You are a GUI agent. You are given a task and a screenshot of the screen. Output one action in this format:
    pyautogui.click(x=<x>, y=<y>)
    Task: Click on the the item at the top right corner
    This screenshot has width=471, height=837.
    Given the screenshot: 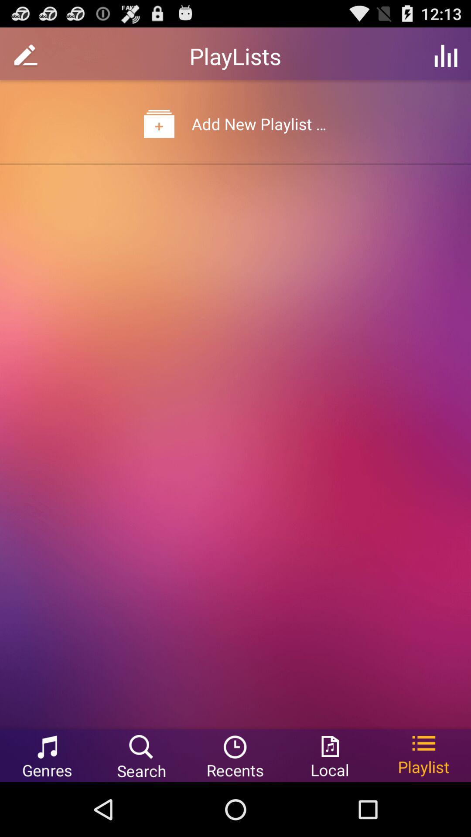 What is the action you would take?
    pyautogui.click(x=446, y=55)
    